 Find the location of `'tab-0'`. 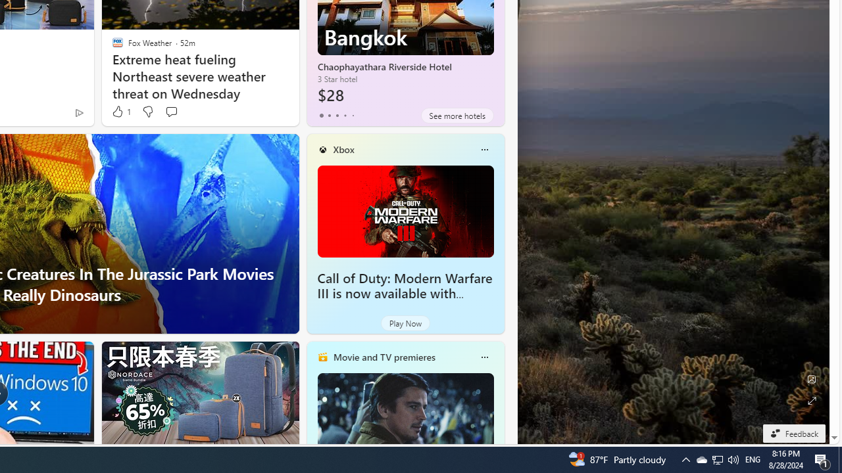

'tab-0' is located at coordinates (321, 115).